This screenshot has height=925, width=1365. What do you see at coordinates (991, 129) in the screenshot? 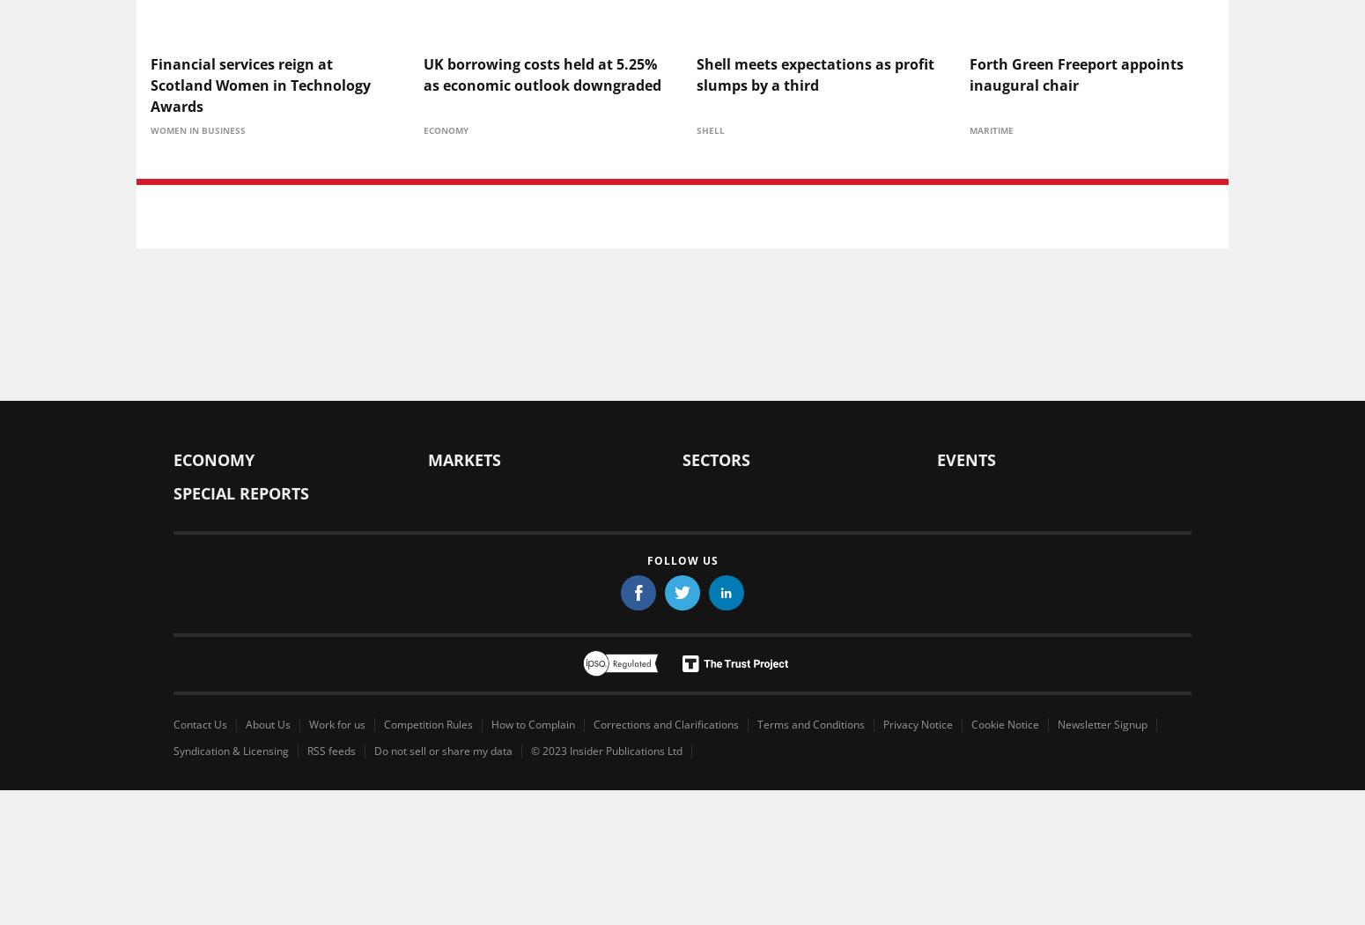
I see `'Maritime'` at bounding box center [991, 129].